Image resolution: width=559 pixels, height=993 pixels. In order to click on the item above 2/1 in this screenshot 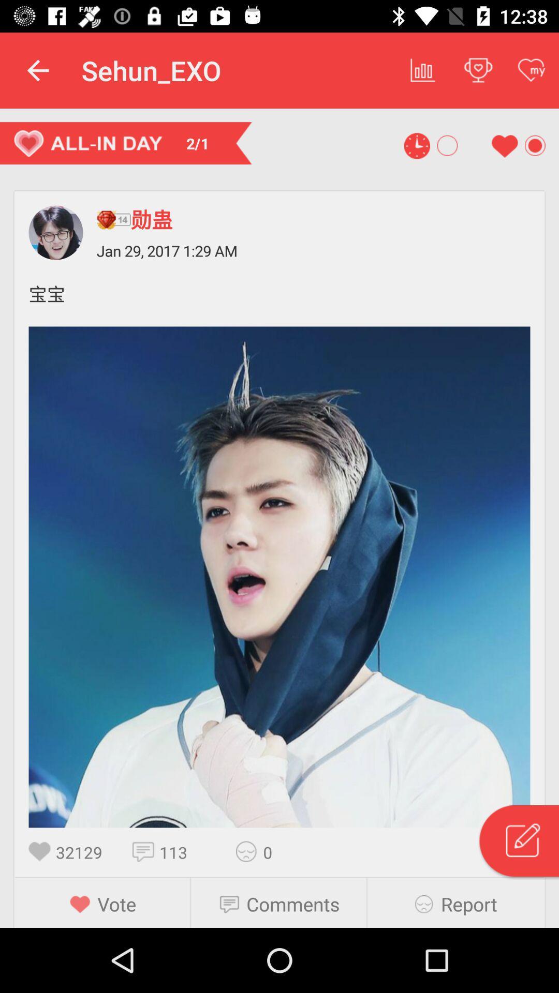, I will do `click(37, 70)`.